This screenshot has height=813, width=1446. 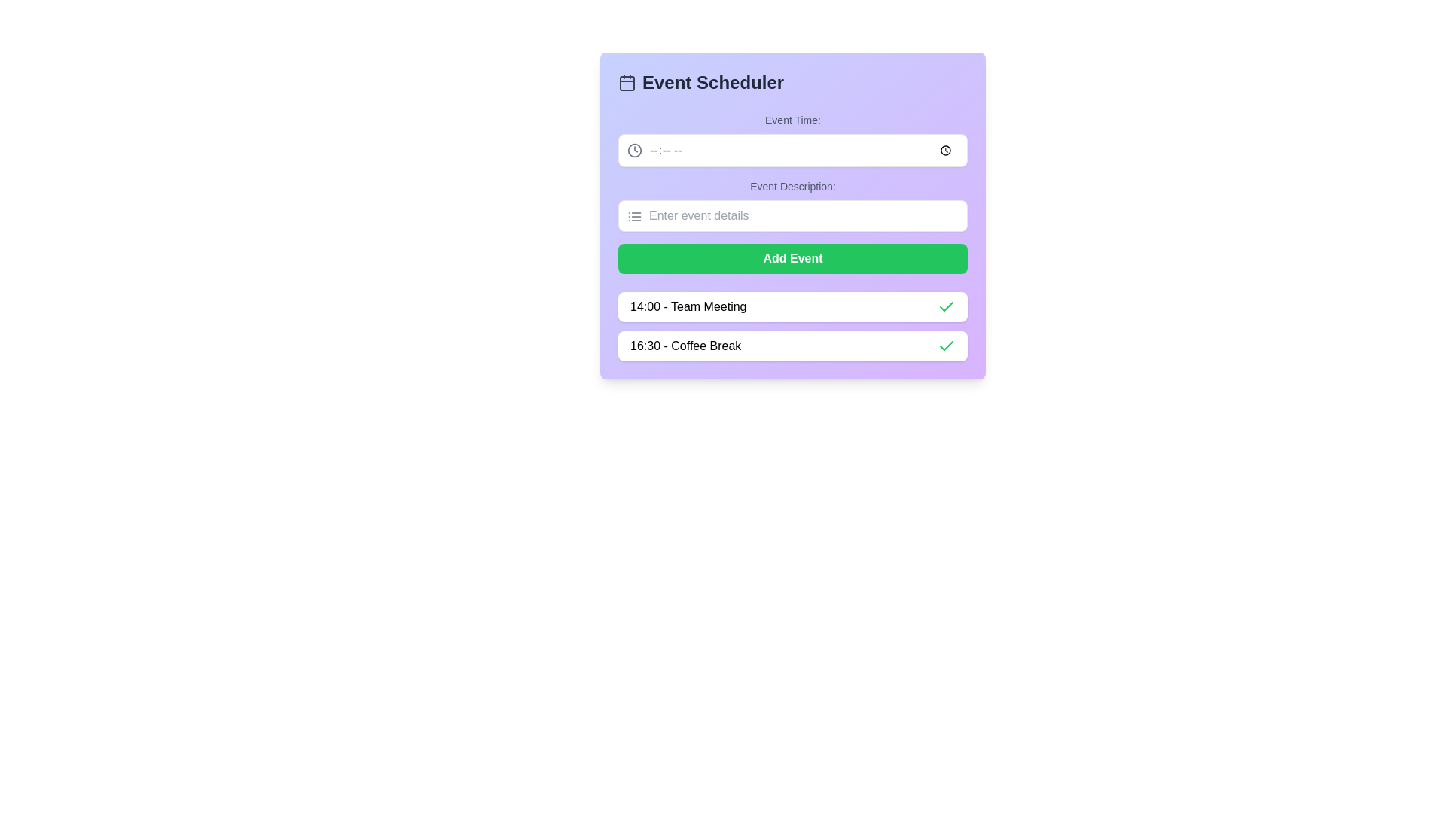 I want to click on the Time Picker Input Field labeled 'Event Time:', so click(x=792, y=139).